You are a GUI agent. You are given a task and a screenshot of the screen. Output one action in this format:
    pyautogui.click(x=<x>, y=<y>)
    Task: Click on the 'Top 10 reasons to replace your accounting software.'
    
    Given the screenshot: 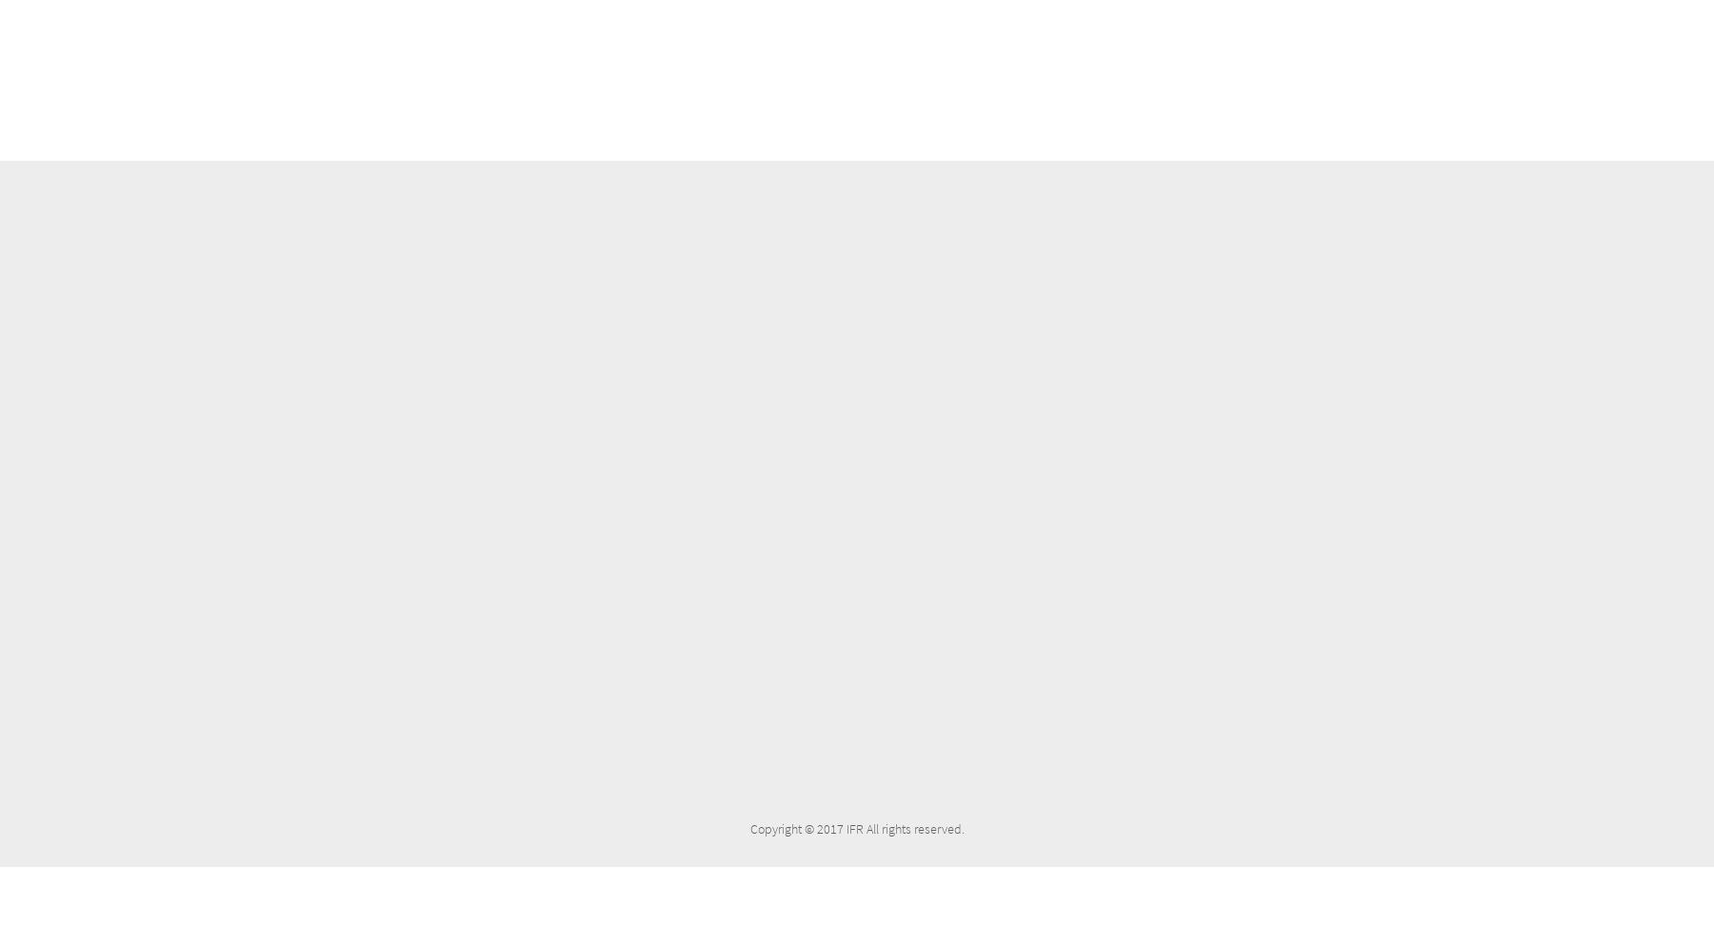 What is the action you would take?
    pyautogui.click(x=694, y=697)
    